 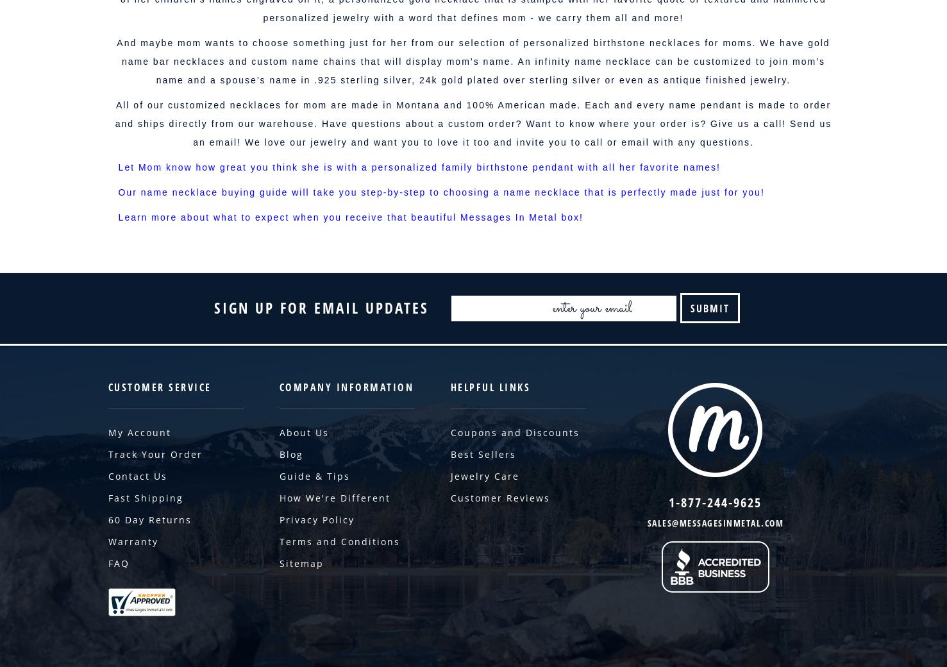 I want to click on 'Terms and Conditions', so click(x=278, y=541).